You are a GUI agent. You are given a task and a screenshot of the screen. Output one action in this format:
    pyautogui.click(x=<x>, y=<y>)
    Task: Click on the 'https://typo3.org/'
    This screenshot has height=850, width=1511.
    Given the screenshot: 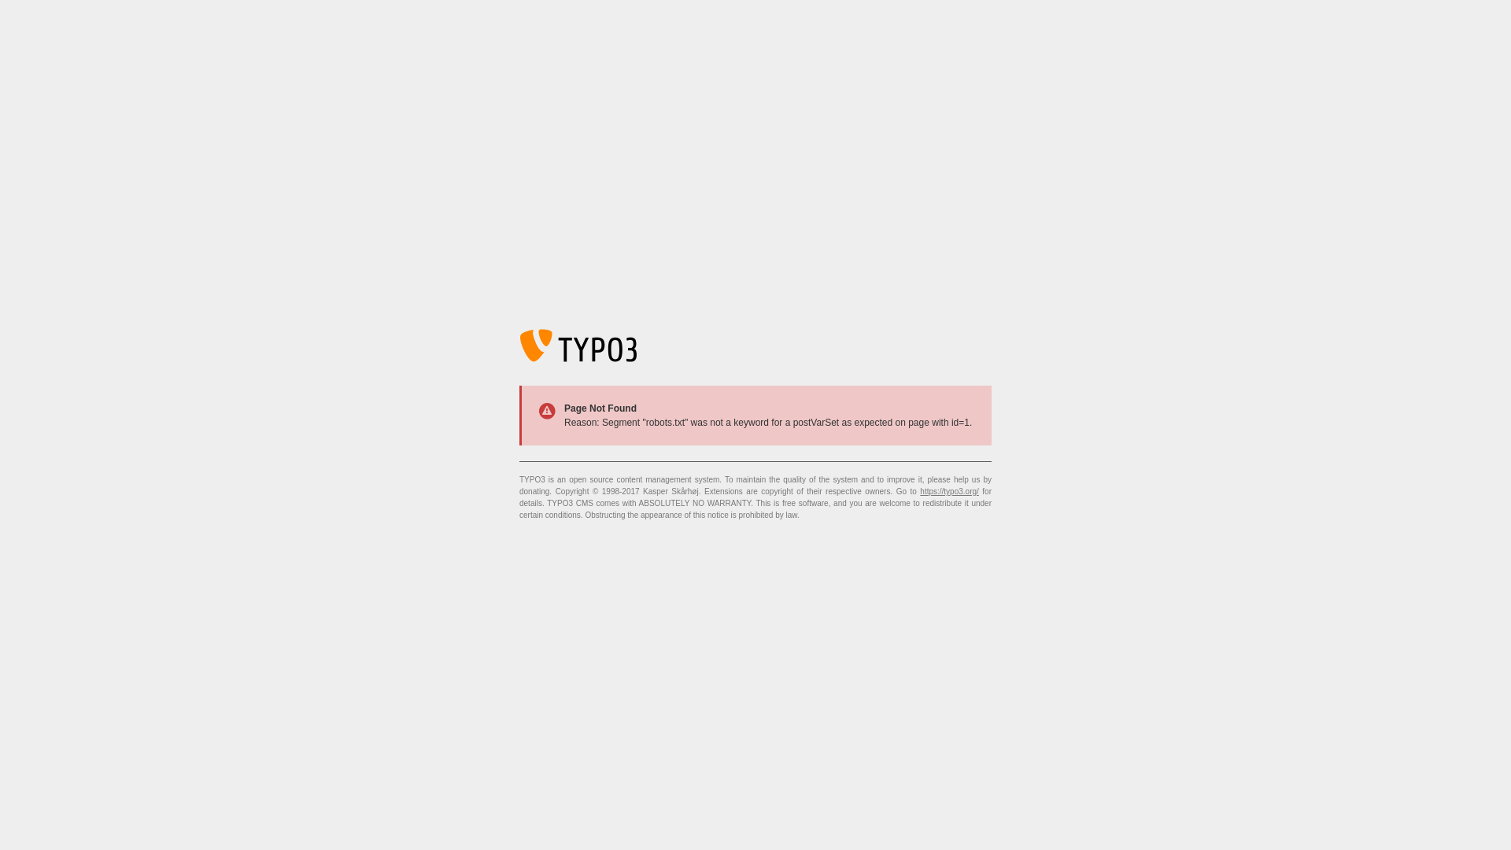 What is the action you would take?
    pyautogui.click(x=948, y=490)
    